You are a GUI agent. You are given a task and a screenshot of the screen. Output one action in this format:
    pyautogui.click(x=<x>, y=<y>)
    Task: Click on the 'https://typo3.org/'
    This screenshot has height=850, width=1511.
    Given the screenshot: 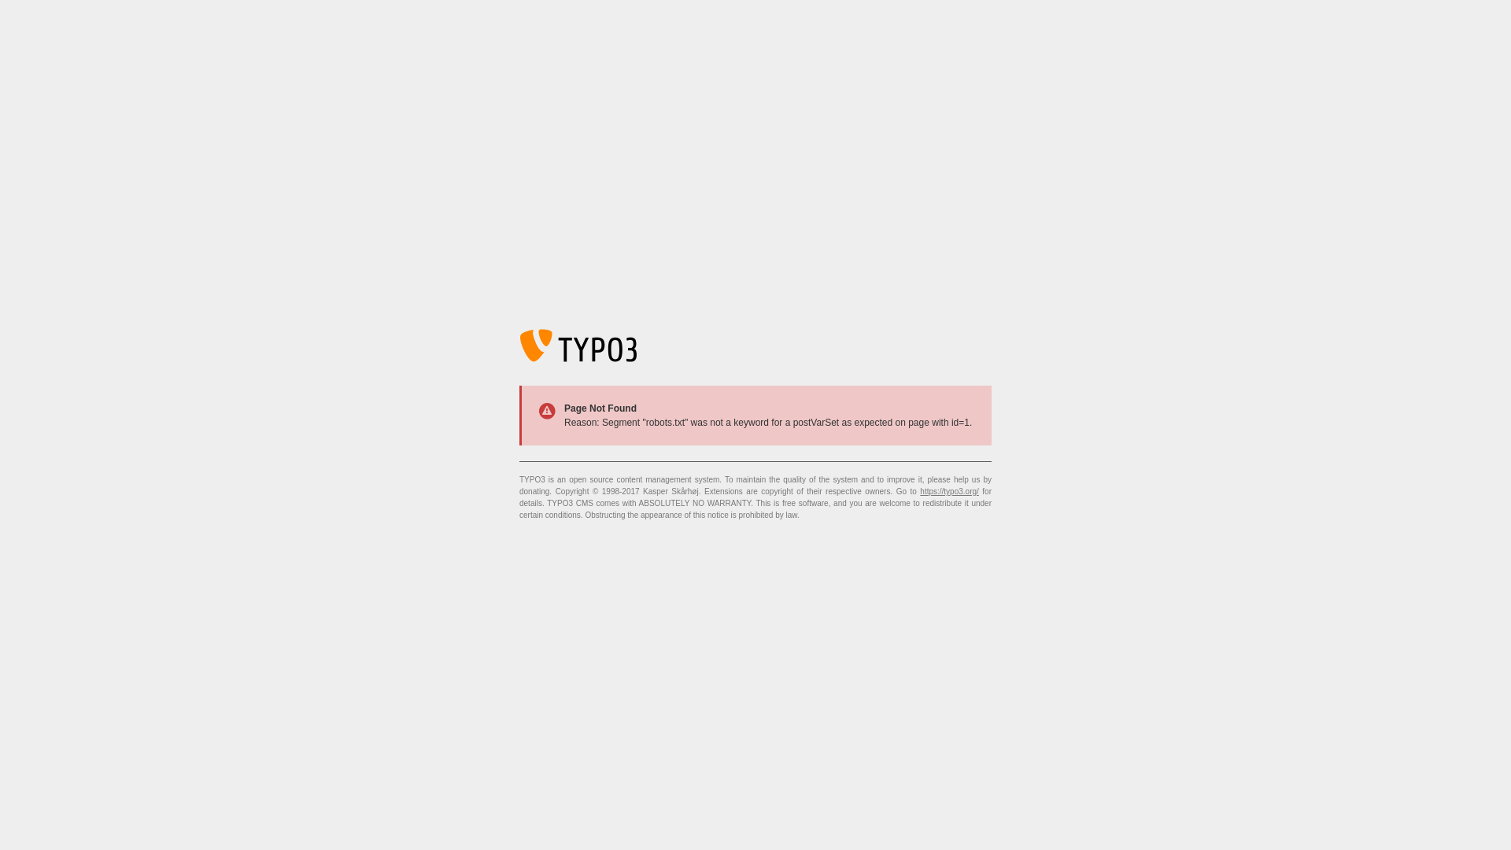 What is the action you would take?
    pyautogui.click(x=948, y=490)
    